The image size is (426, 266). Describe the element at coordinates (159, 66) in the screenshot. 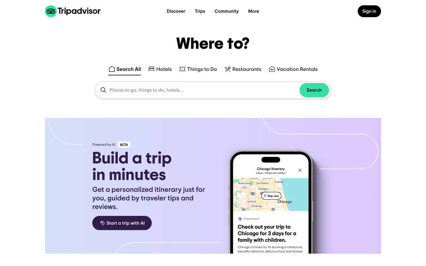

I see `Look up Holiday Inn locations within the hotel database` at that location.